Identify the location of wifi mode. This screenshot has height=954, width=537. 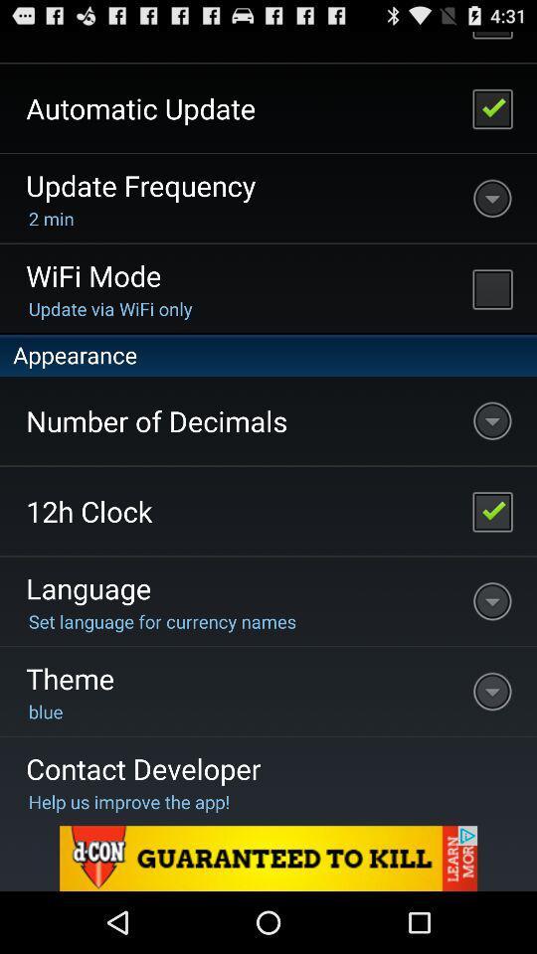
(491, 287).